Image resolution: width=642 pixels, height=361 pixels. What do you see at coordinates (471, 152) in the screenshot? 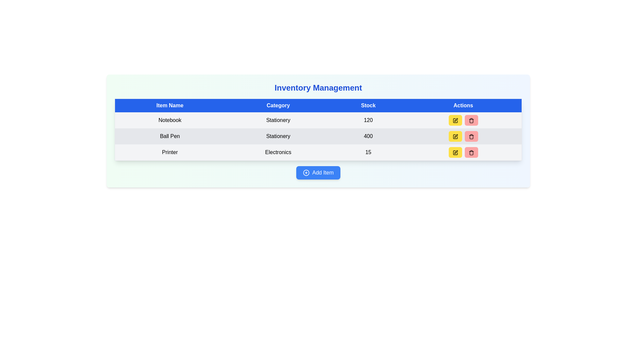
I see `the Trash Can icon located under the 'Actions' column of the last row in the 'Inventory Management' table` at bounding box center [471, 152].